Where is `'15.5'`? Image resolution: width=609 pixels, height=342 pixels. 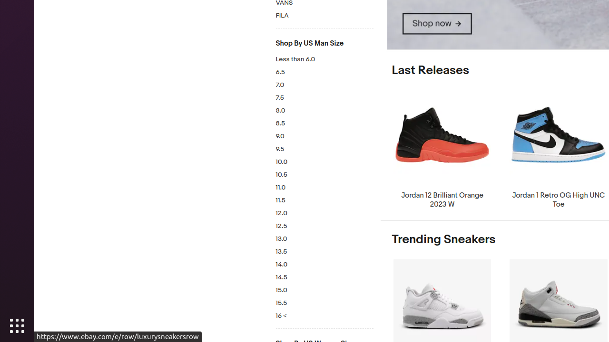 '15.5' is located at coordinates (324, 303).